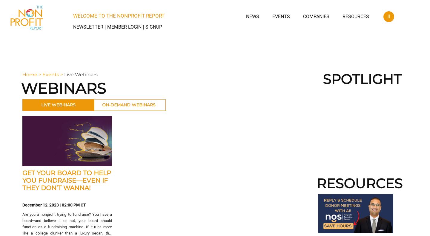  I want to click on 'News', so click(252, 16).